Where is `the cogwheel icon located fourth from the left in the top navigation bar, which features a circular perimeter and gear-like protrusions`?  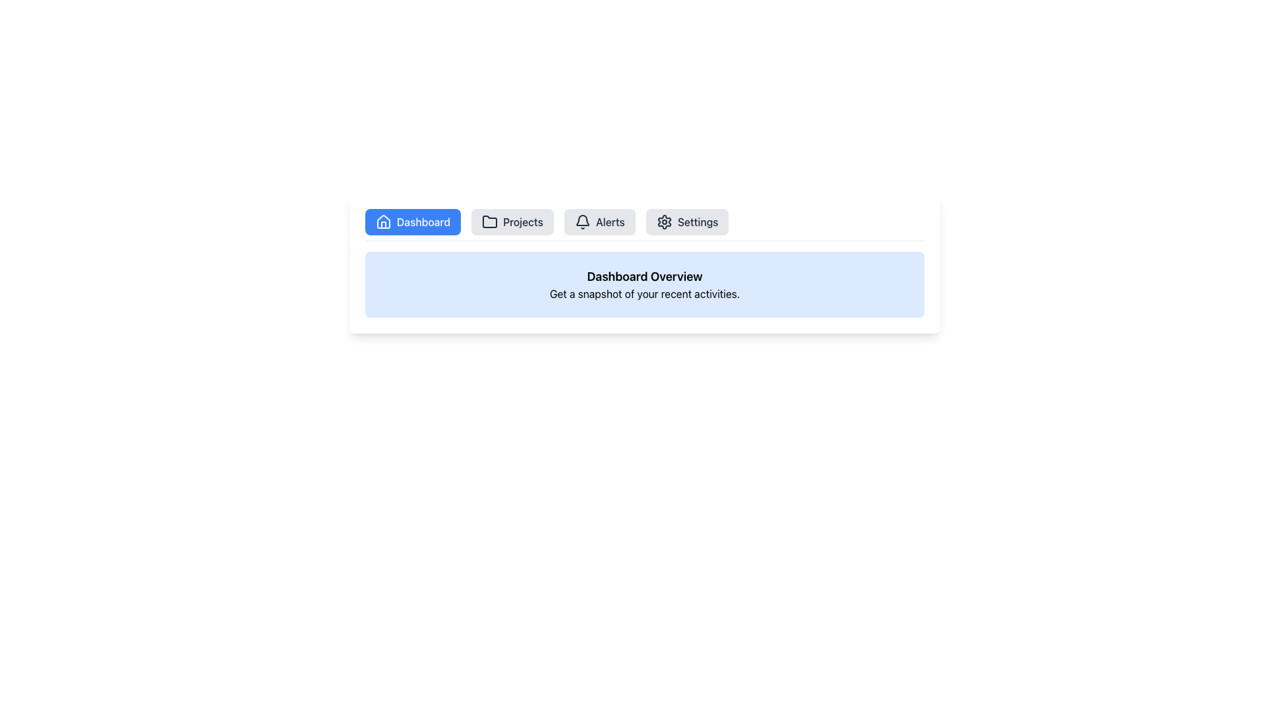 the cogwheel icon located fourth from the left in the top navigation bar, which features a circular perimeter and gear-like protrusions is located at coordinates (664, 221).